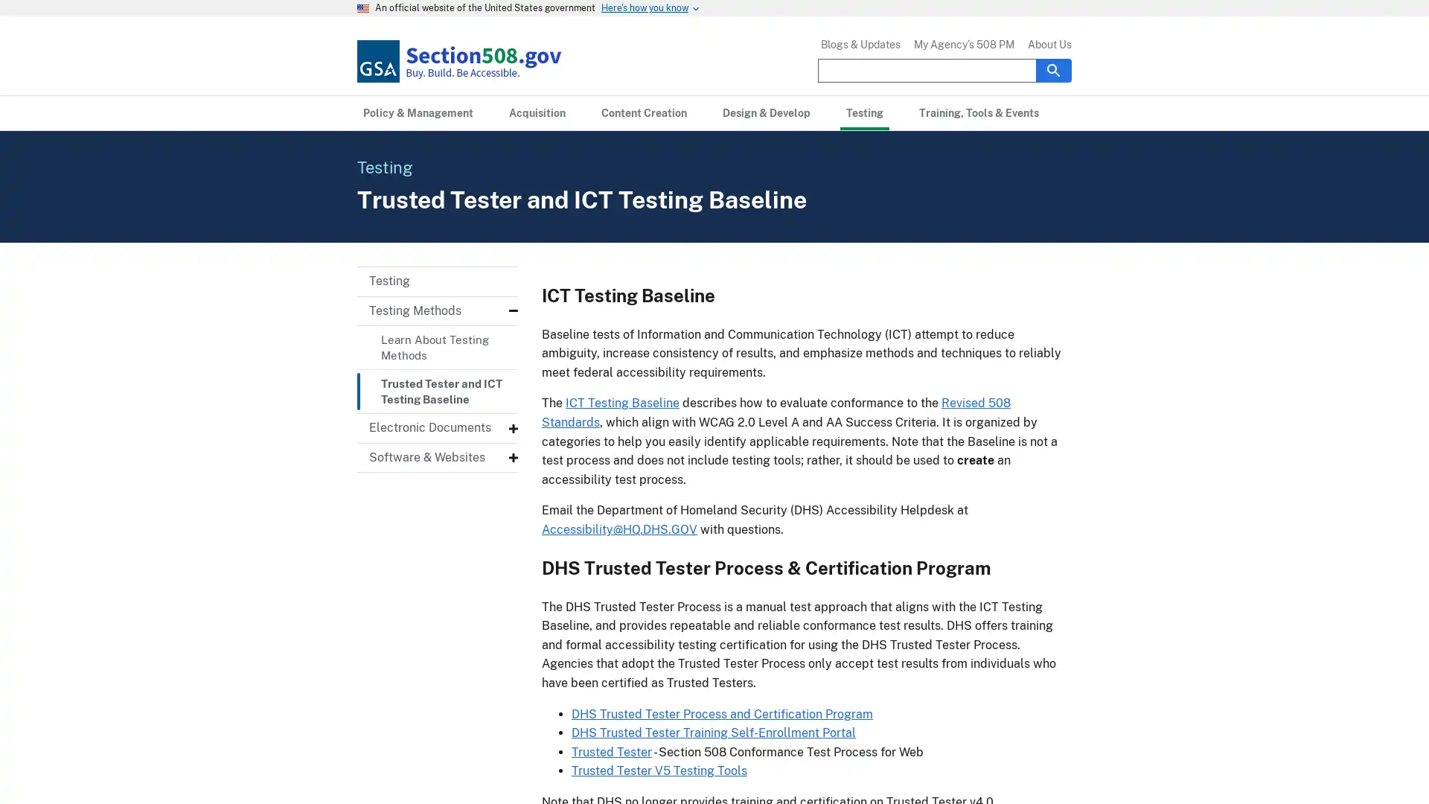 This screenshot has height=804, width=1429. Describe the element at coordinates (645, 8) in the screenshot. I see `Here's how you know` at that location.